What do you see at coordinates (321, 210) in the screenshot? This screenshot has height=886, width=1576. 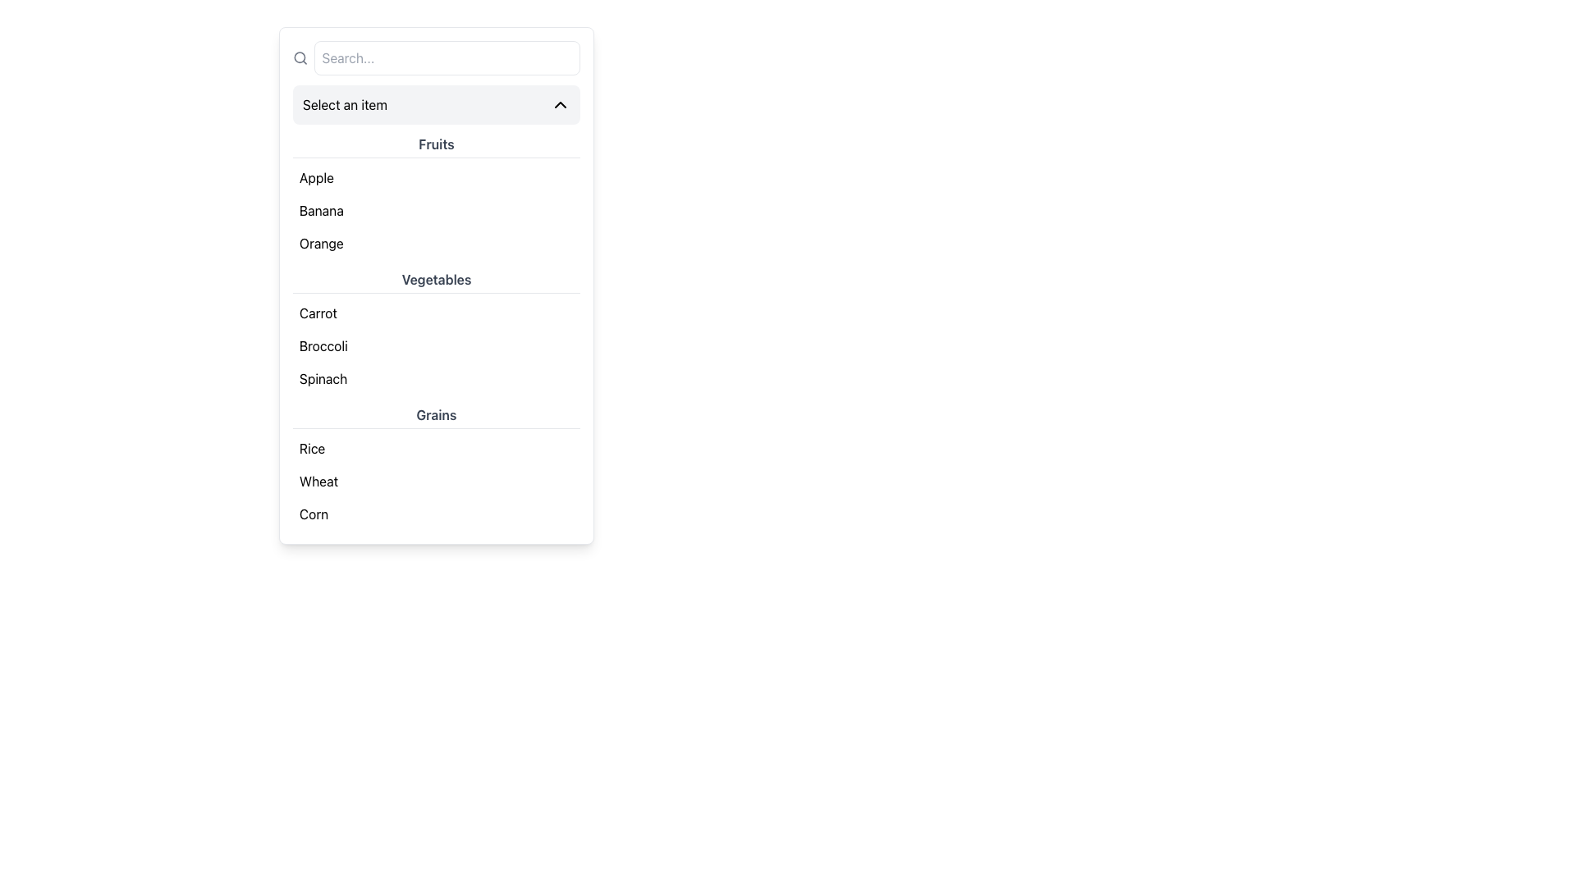 I see `the text label displaying 'Banana' in the Fruits category` at bounding box center [321, 210].